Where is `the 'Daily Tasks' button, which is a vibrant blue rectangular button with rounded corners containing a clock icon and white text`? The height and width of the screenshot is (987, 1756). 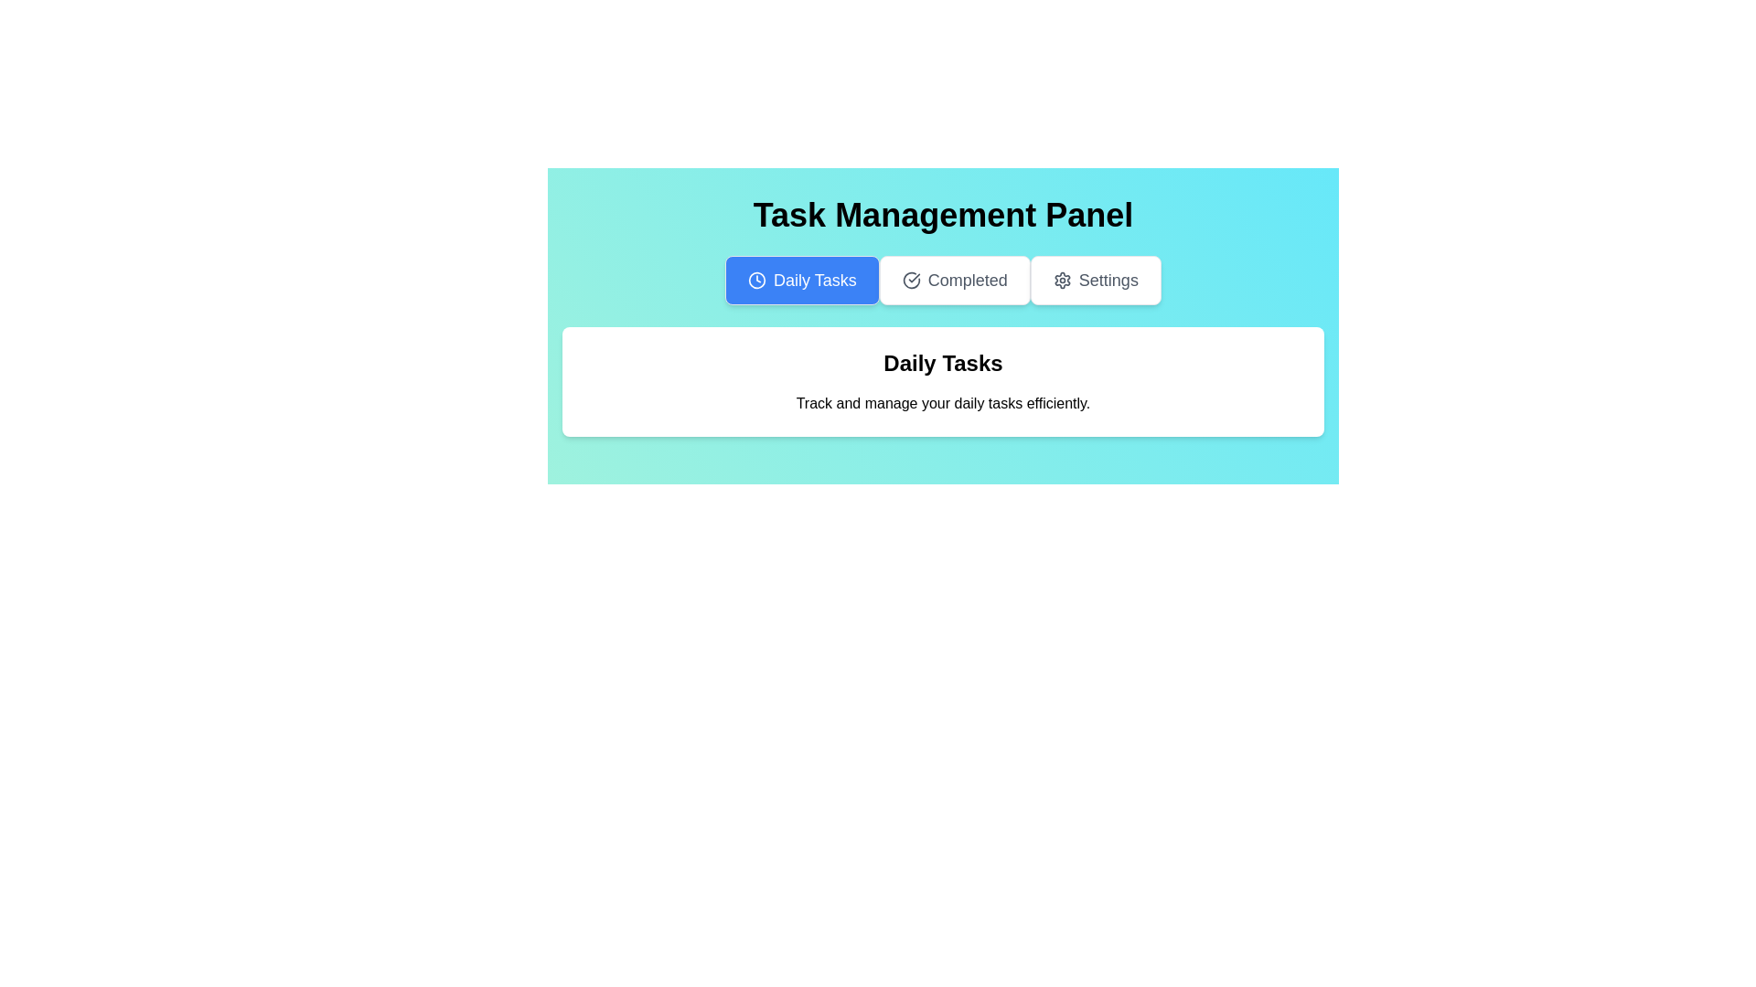 the 'Daily Tasks' button, which is a vibrant blue rectangular button with rounded corners containing a clock icon and white text is located at coordinates (802, 281).